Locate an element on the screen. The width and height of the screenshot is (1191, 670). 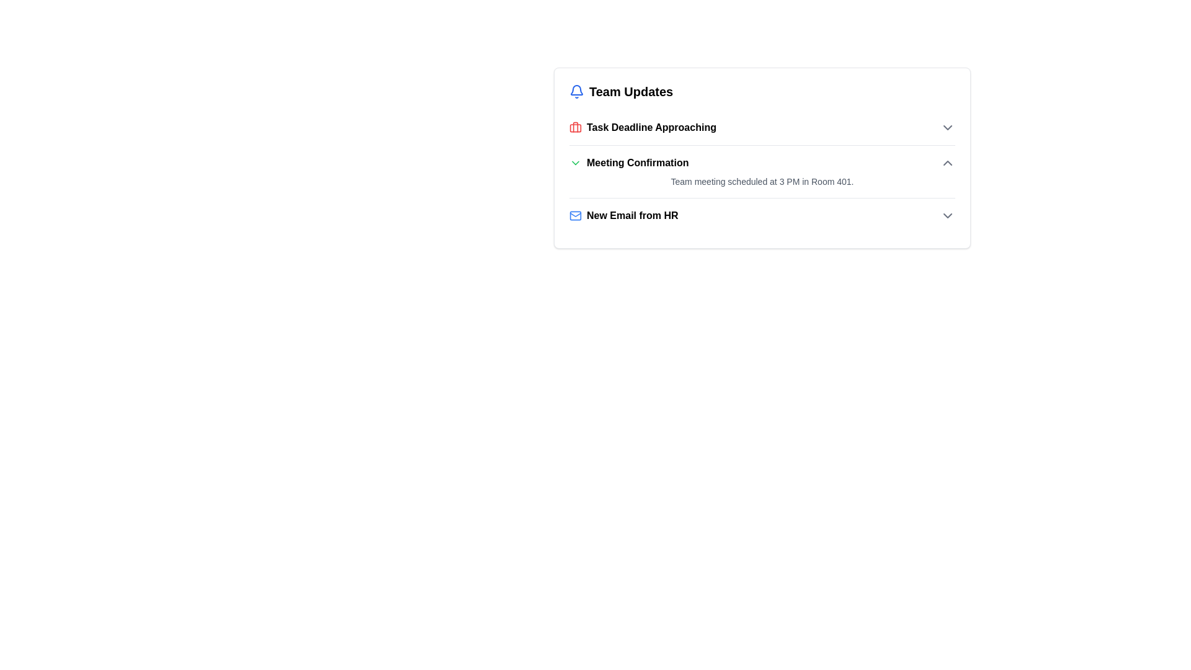
the button located to the far right of the 'Task Deadline Approaching' notification row is located at coordinates (947, 127).